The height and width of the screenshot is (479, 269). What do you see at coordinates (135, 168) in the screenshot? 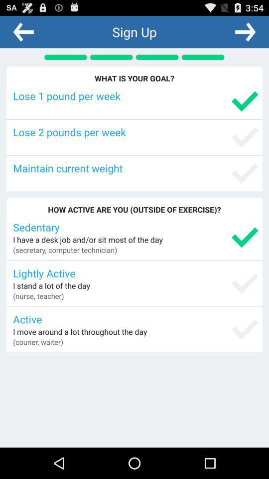
I see `the app above the how active are item` at bounding box center [135, 168].